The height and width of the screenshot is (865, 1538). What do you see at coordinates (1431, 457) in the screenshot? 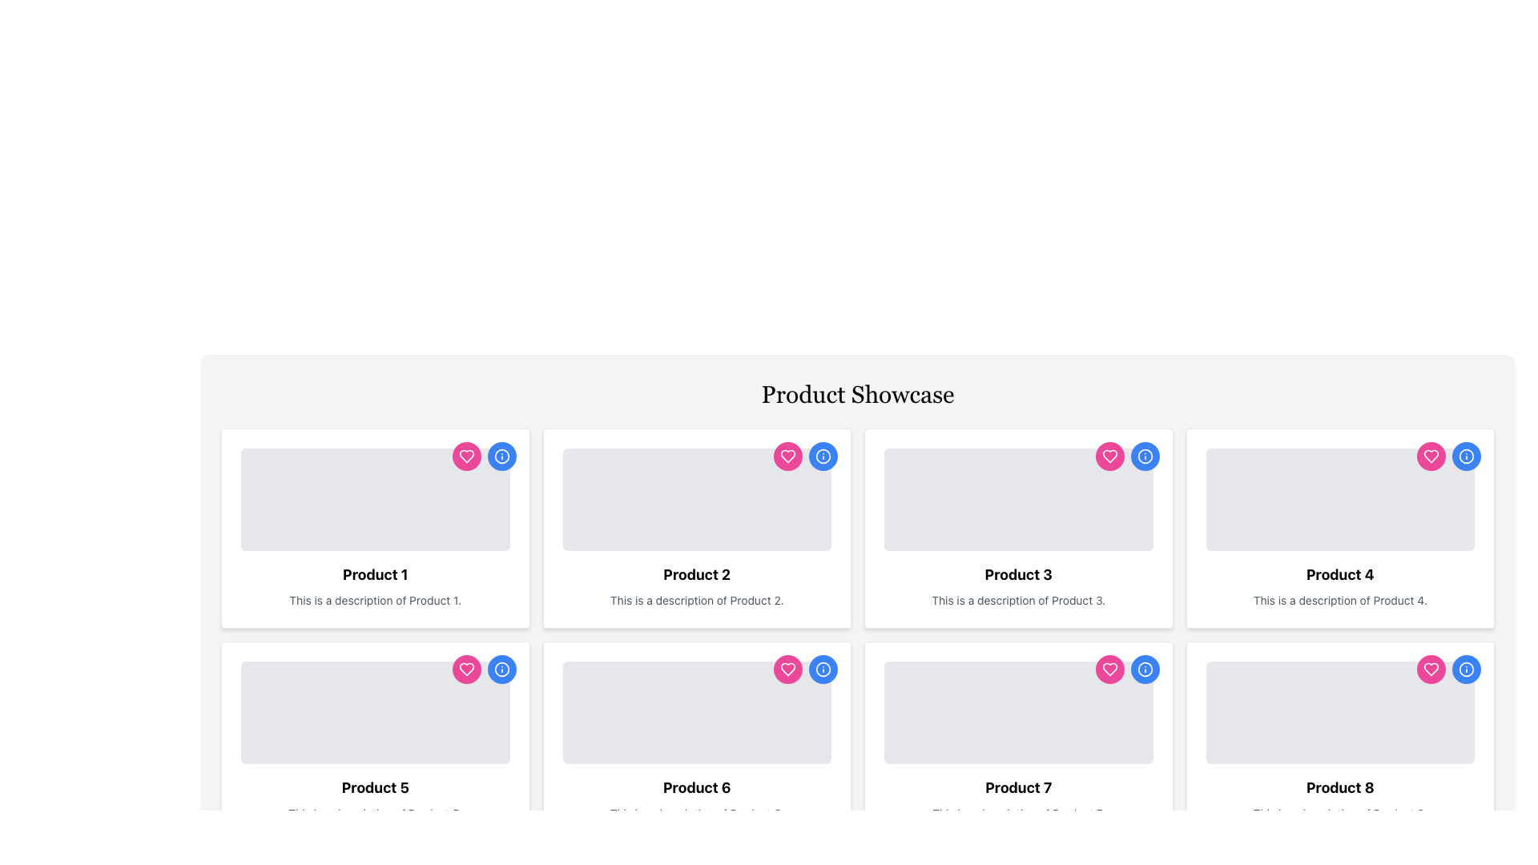
I see `the small pink heart icon with a white border located in the upper right corner of the card labeled 'Product 4' to favorite the product` at bounding box center [1431, 457].